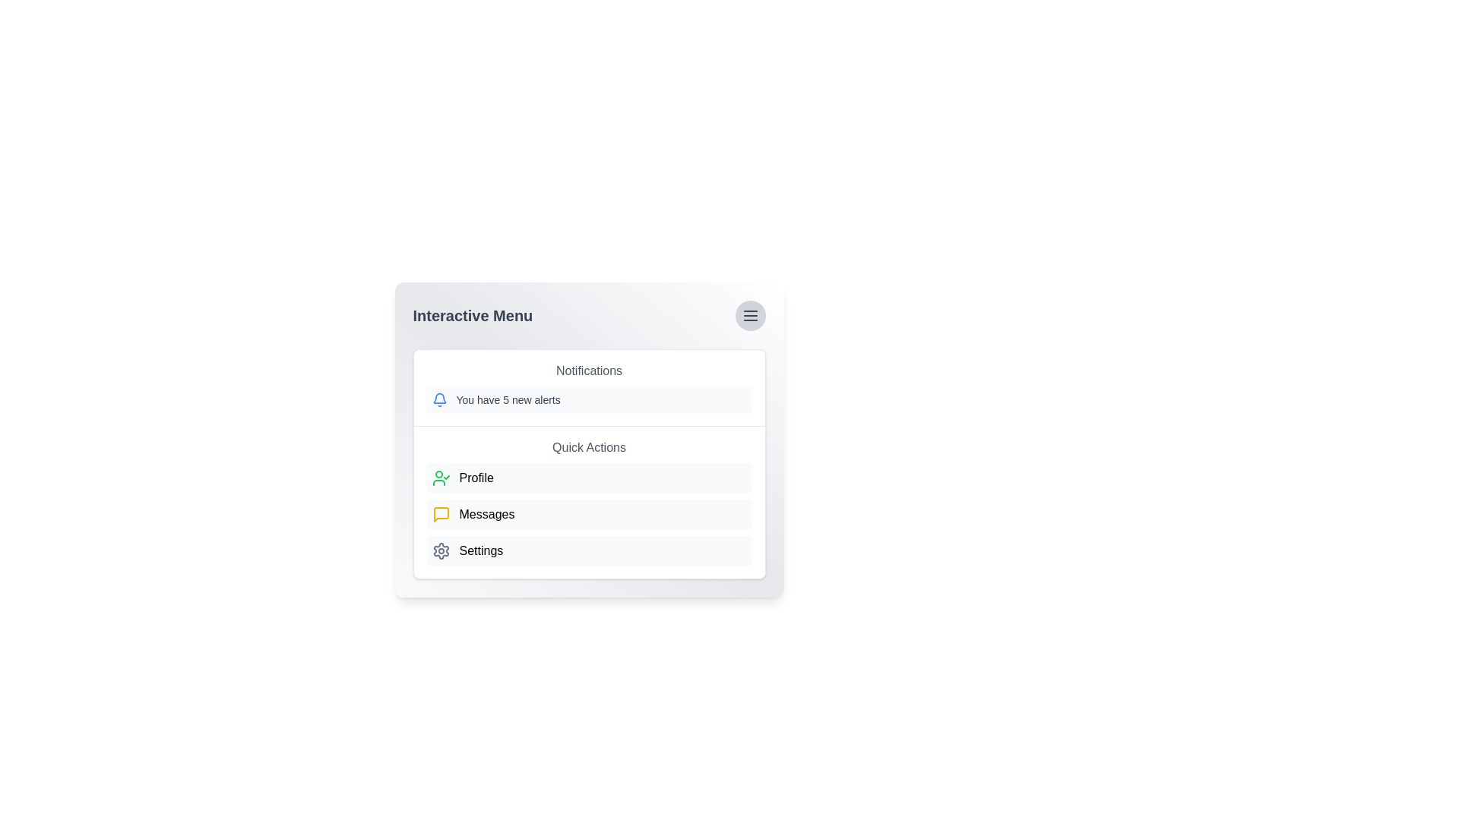  Describe the element at coordinates (750, 315) in the screenshot. I see `the menu toggle button to change the visibility of the menu` at that location.